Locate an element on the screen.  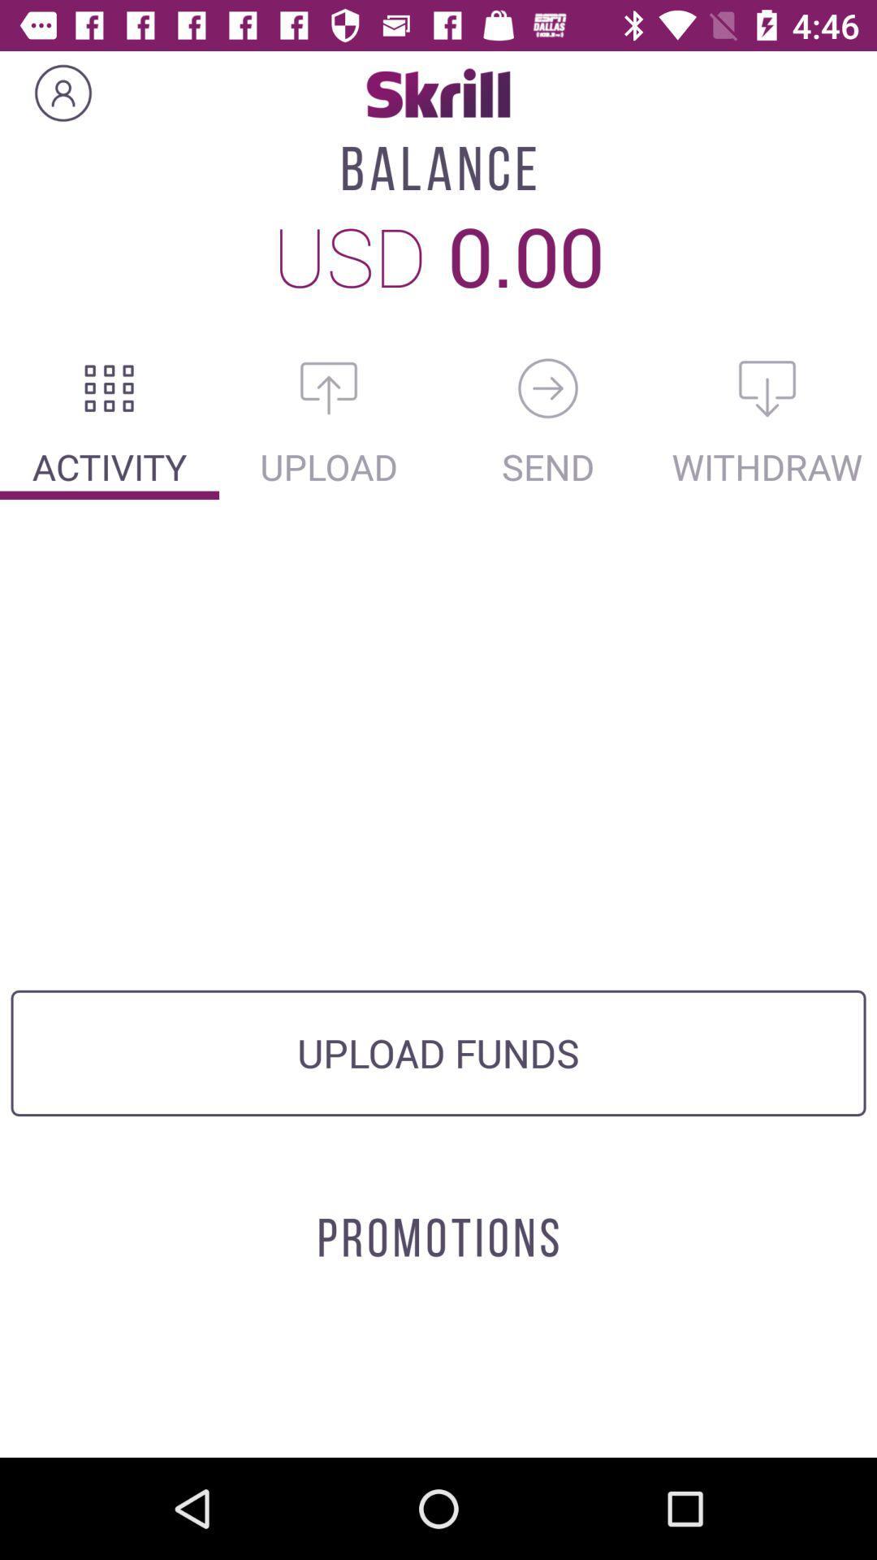
the dialpad icon is located at coordinates (110, 388).